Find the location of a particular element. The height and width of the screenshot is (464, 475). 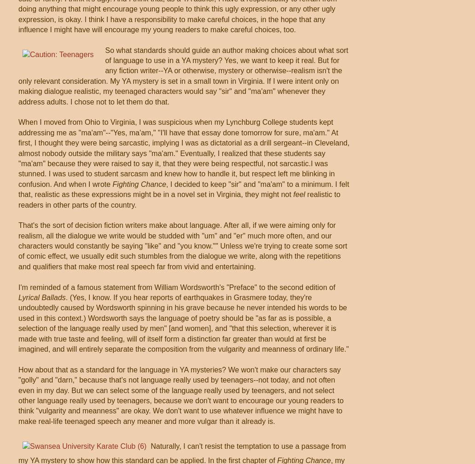

'.
 (Yes, I know. If you hear reports of earthquakes in Grasmere today, 
they're undoubtedly caused by Wordsworth spinning in his grave because 
he never intended his words to be used in this context.) Wordsworth says
 the language of poetry should be "as far as is possible, a selection of
 the language really used by men" [and women], and "that this selection,
 wherever it is made with true taste and feeling, will of itself form a 
distinction far greater than would at first be imagined, and will 
entirely separate the composition from the vulgarity and meanness of 
ordinary life."' is located at coordinates (183, 323).